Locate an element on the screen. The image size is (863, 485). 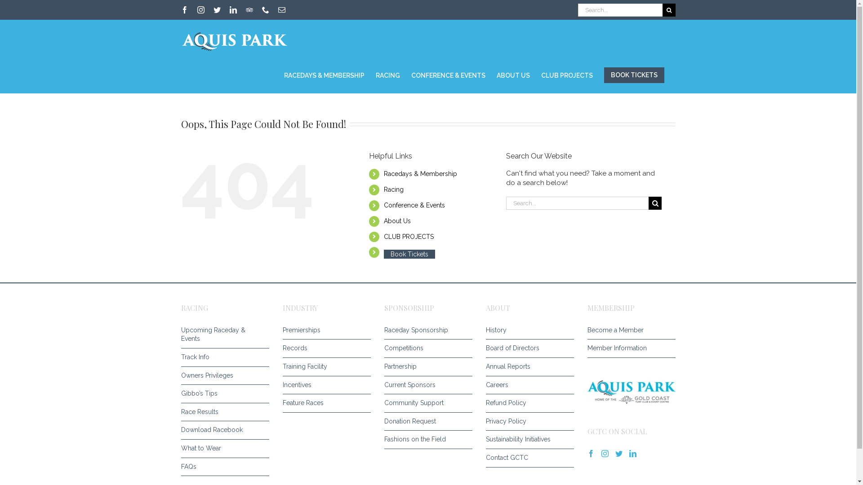
'Records' is located at coordinates (324, 348).